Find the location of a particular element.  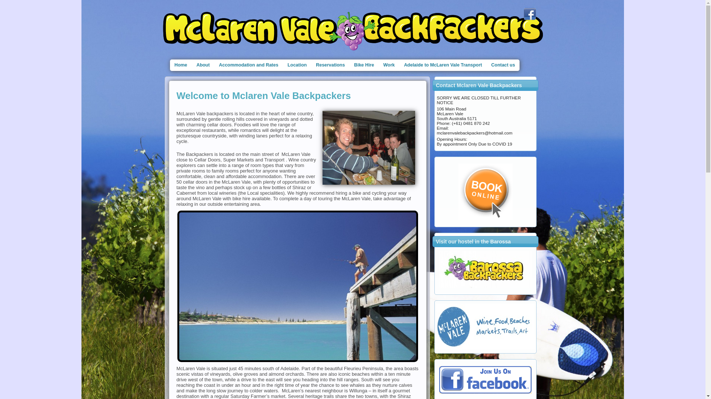

'Bike Hire' is located at coordinates (364, 65).